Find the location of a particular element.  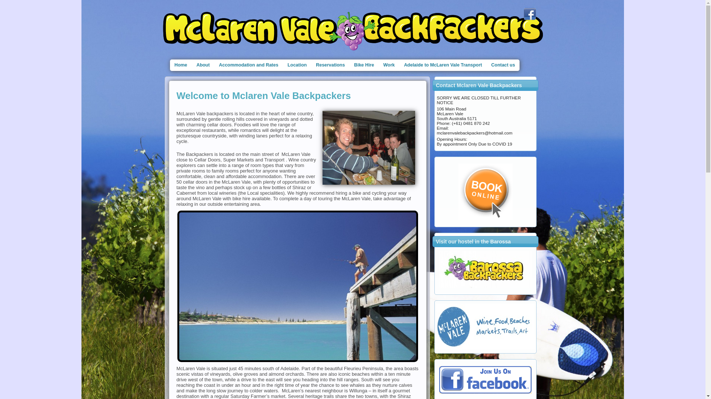

'Bike Hire' is located at coordinates (364, 65).